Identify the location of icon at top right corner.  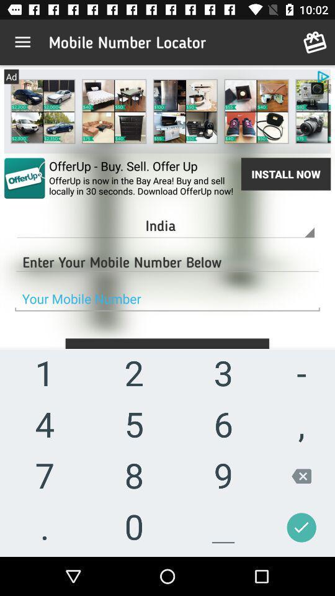
(315, 42).